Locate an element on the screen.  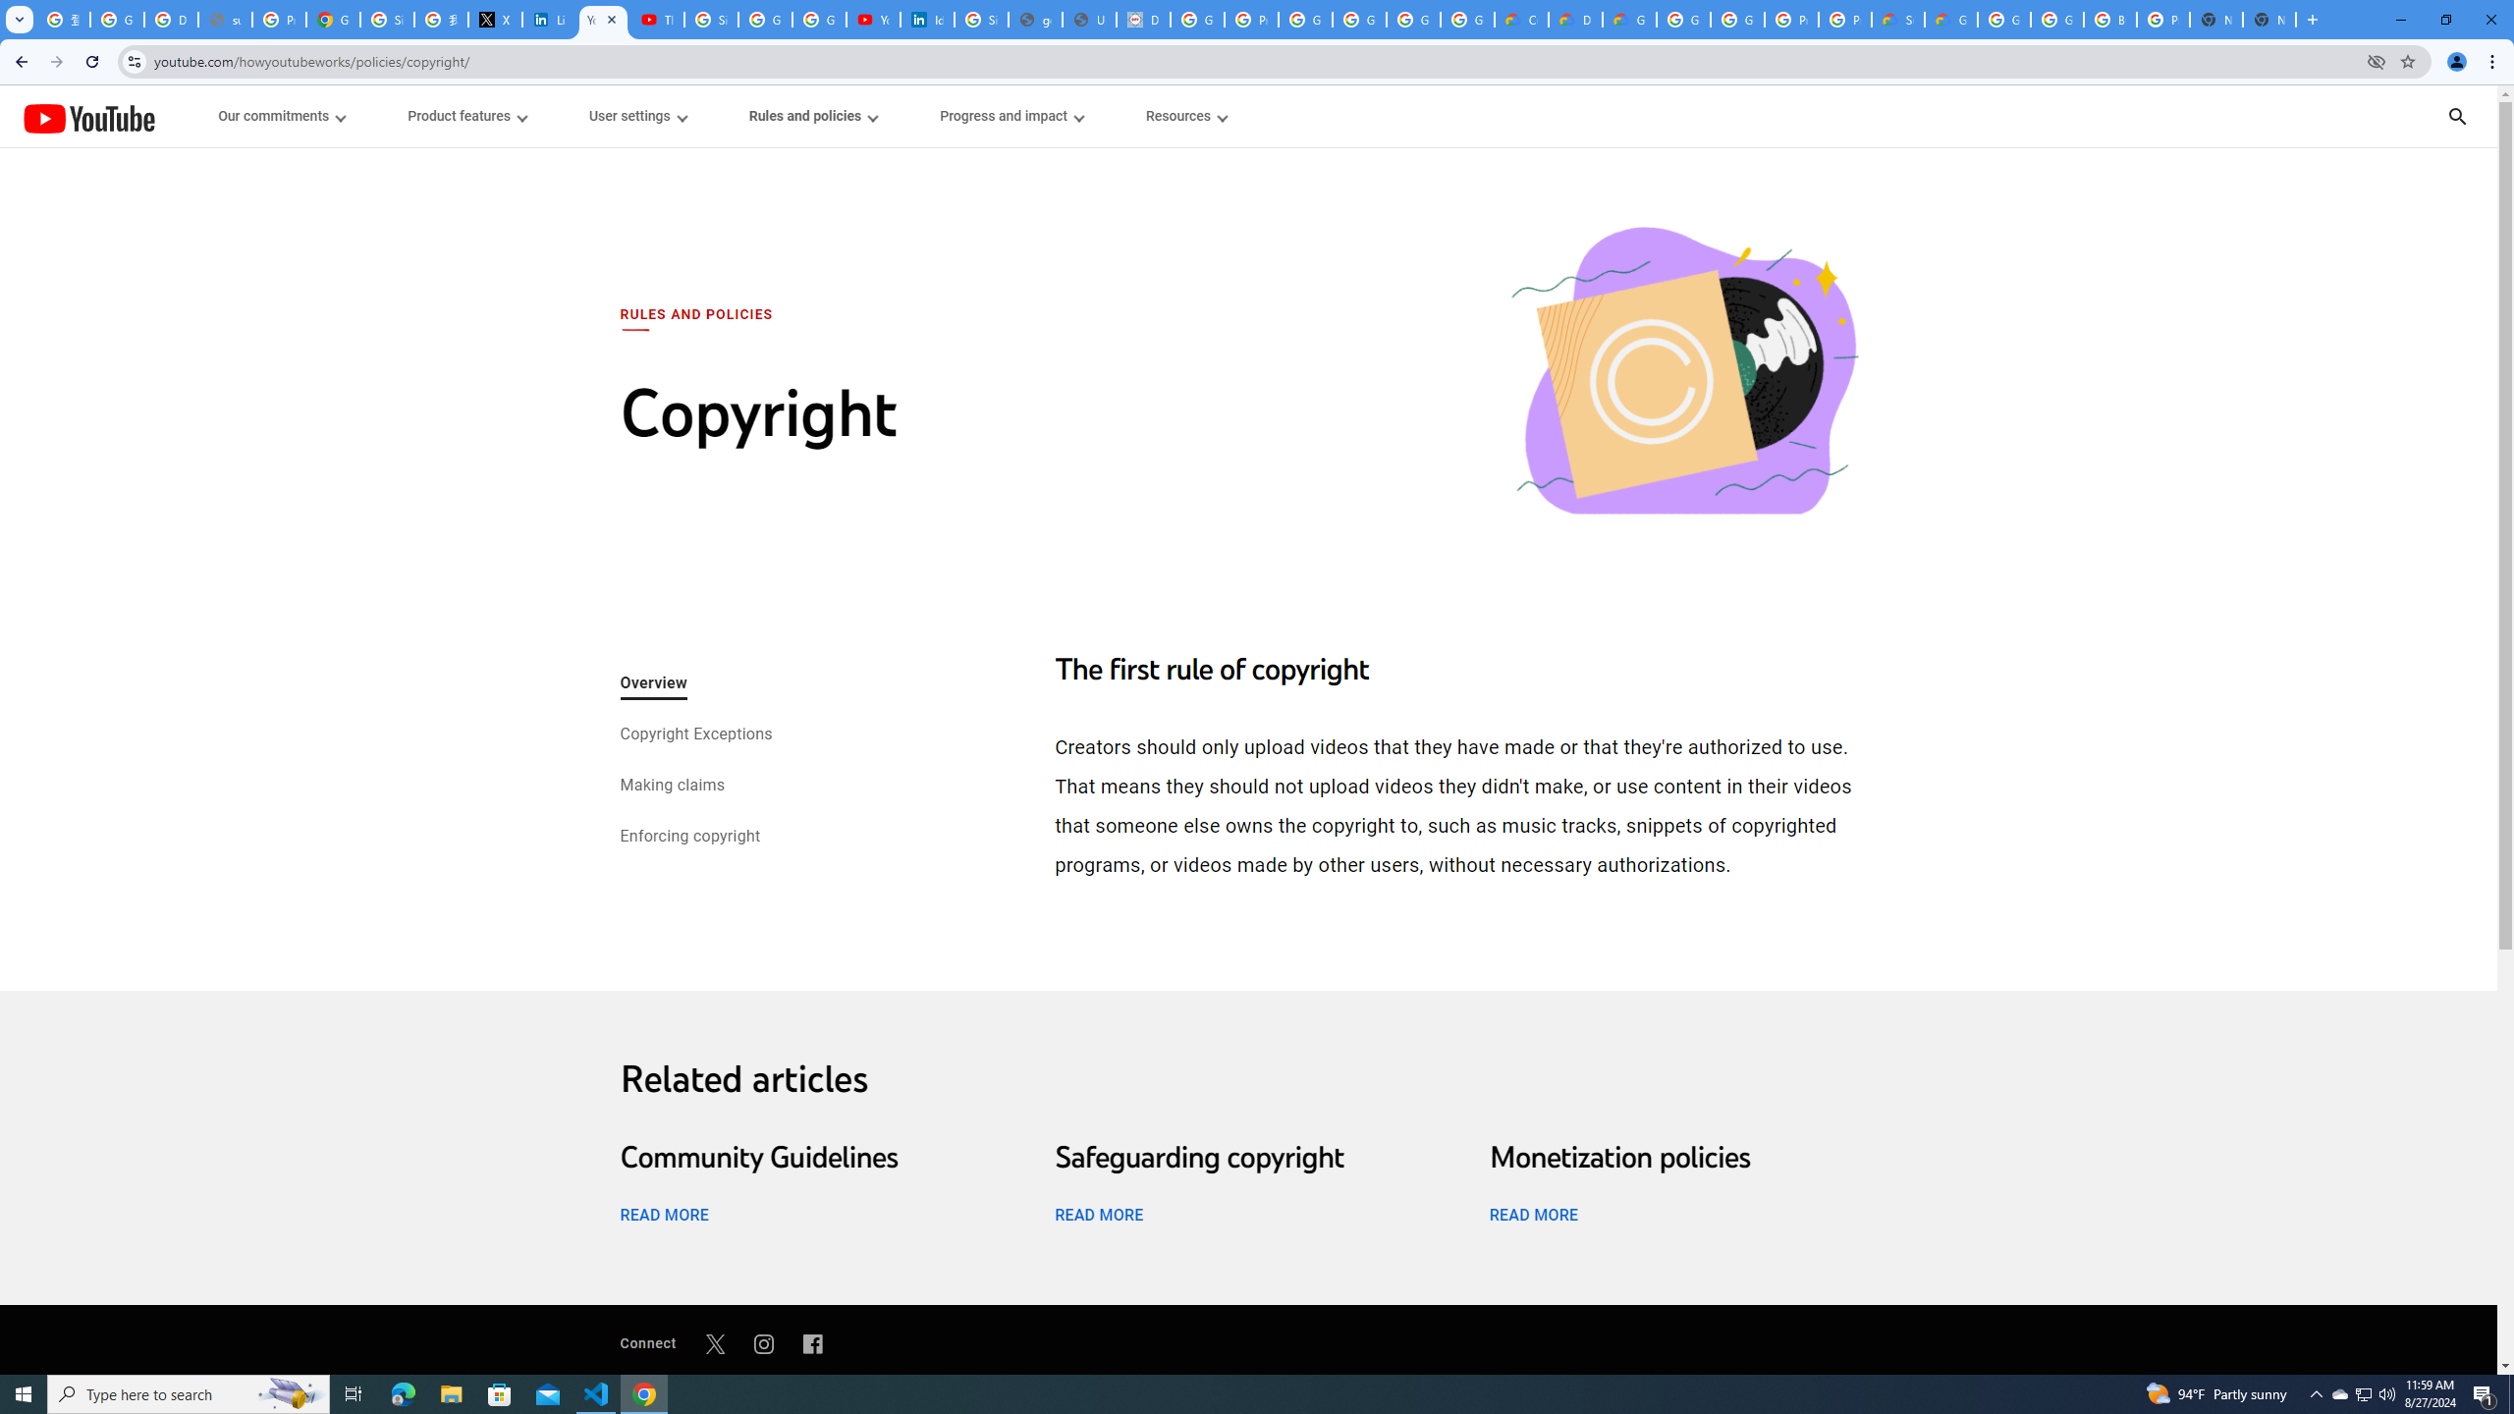
'Third-party cookies blocked' is located at coordinates (2377, 60).